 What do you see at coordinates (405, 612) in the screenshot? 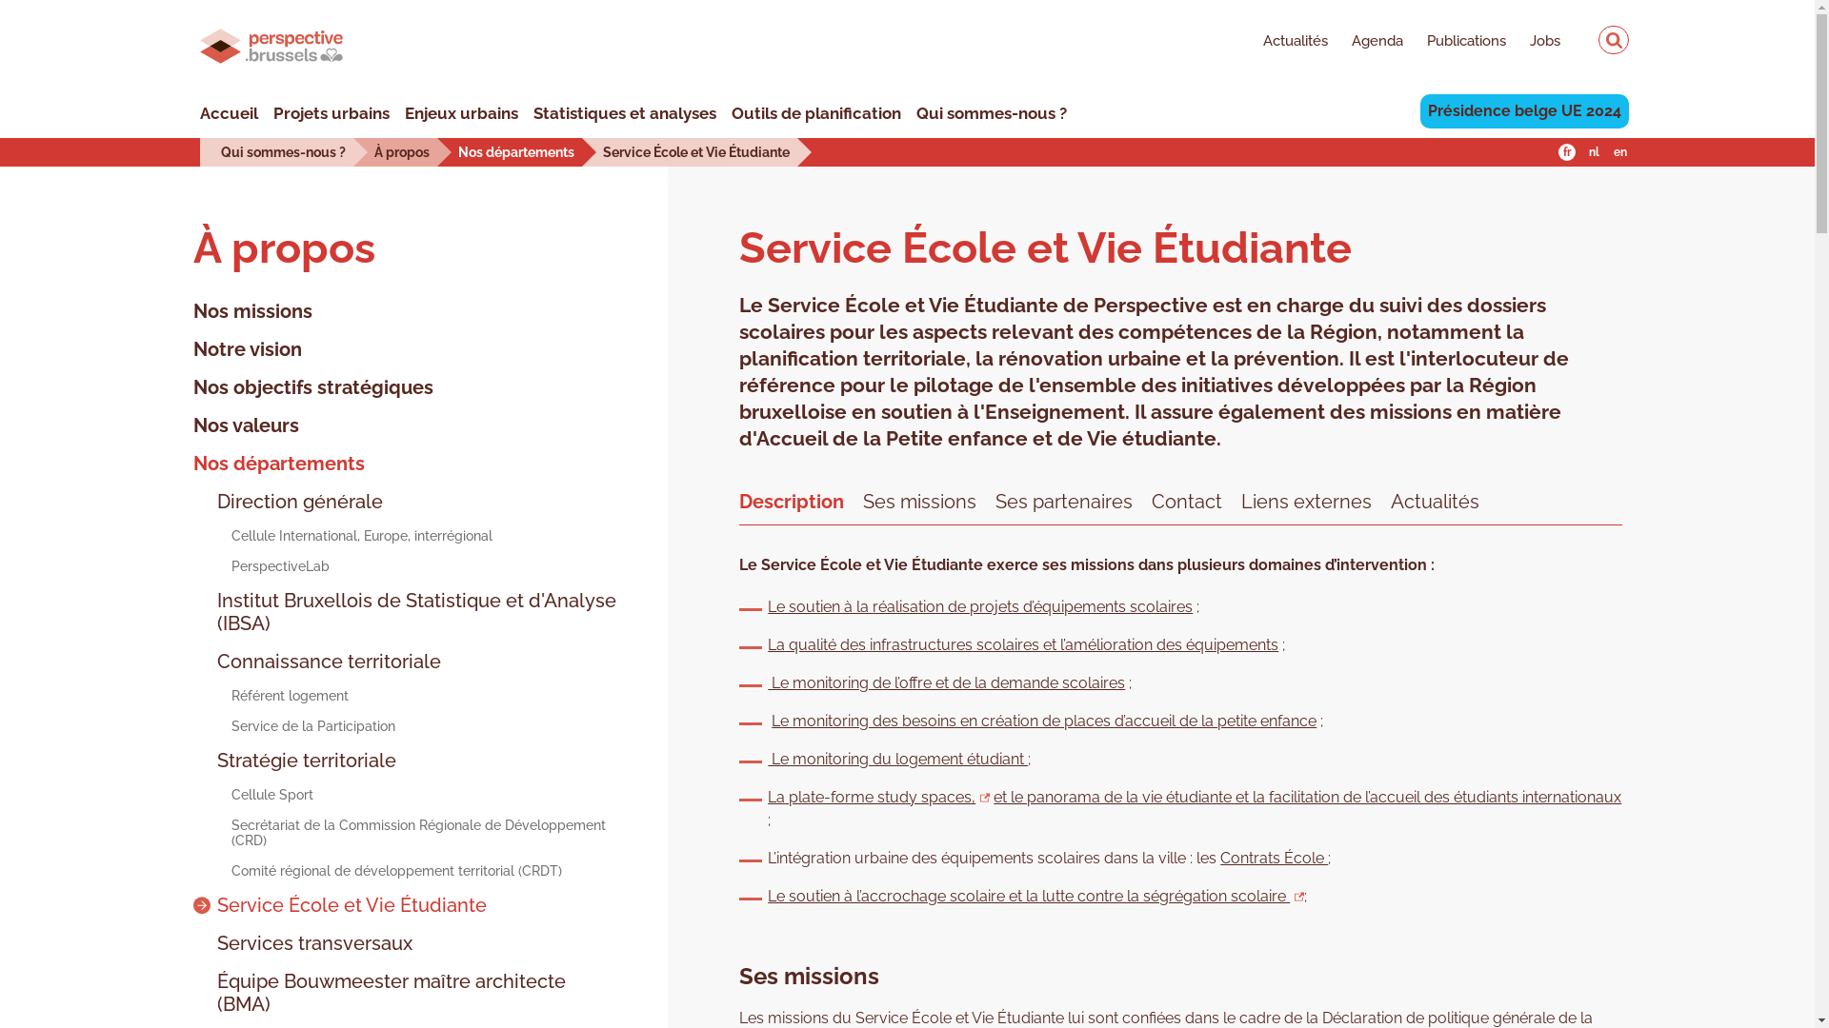
I see `'Institut Bruxellois de Statistique et d'Analyse (IBSA)'` at bounding box center [405, 612].